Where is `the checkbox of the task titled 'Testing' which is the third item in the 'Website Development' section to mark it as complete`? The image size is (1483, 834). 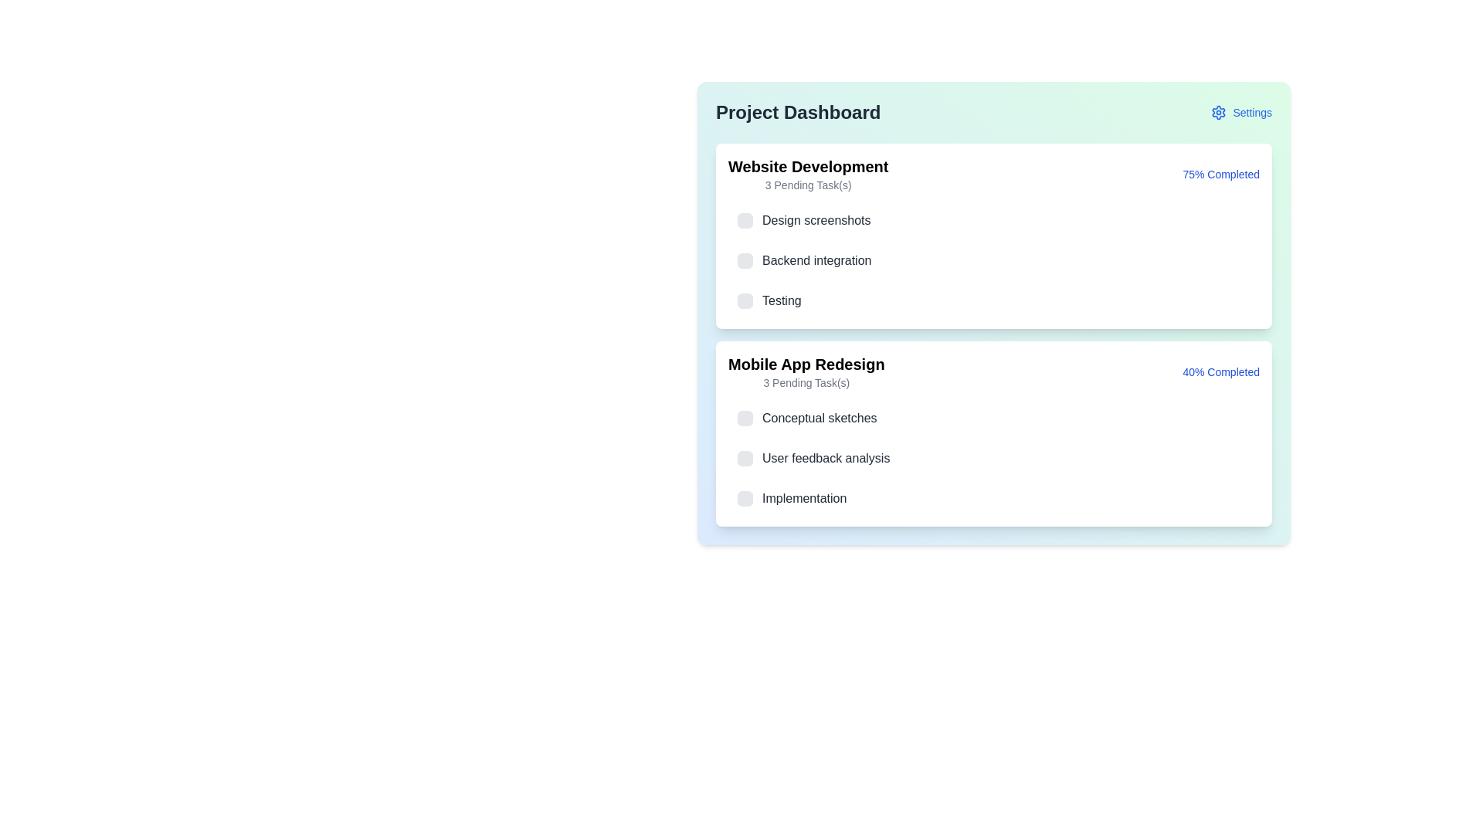 the checkbox of the task titled 'Testing' which is the third item in the 'Website Development' section to mark it as complete is located at coordinates (993, 300).